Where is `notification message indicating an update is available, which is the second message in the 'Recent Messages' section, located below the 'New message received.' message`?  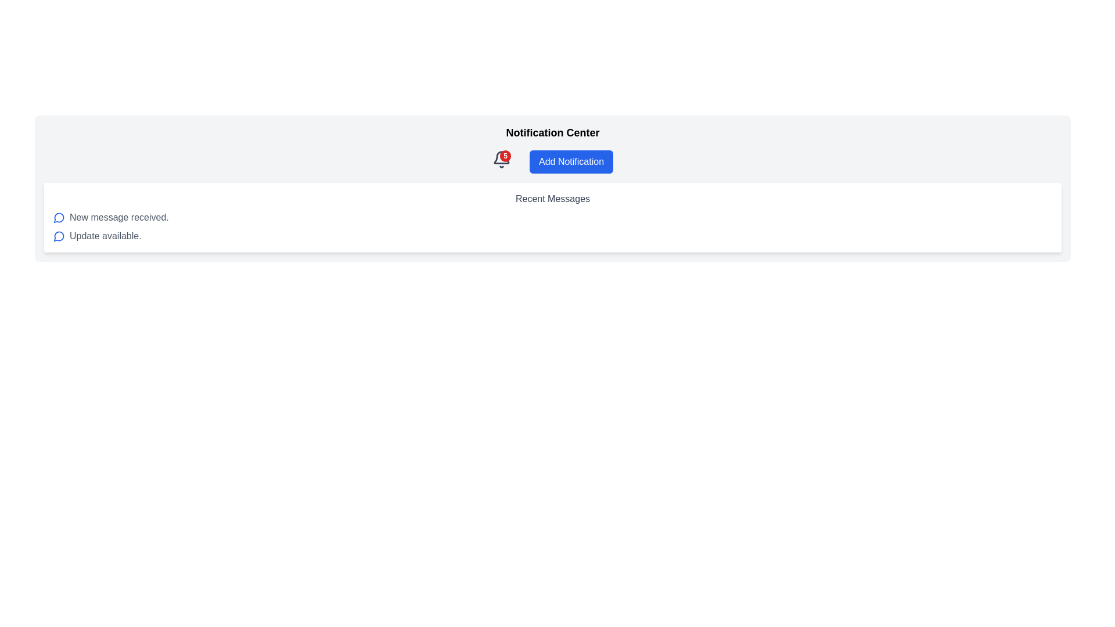
notification message indicating an update is available, which is the second message in the 'Recent Messages' section, located below the 'New message received.' message is located at coordinates (105, 236).